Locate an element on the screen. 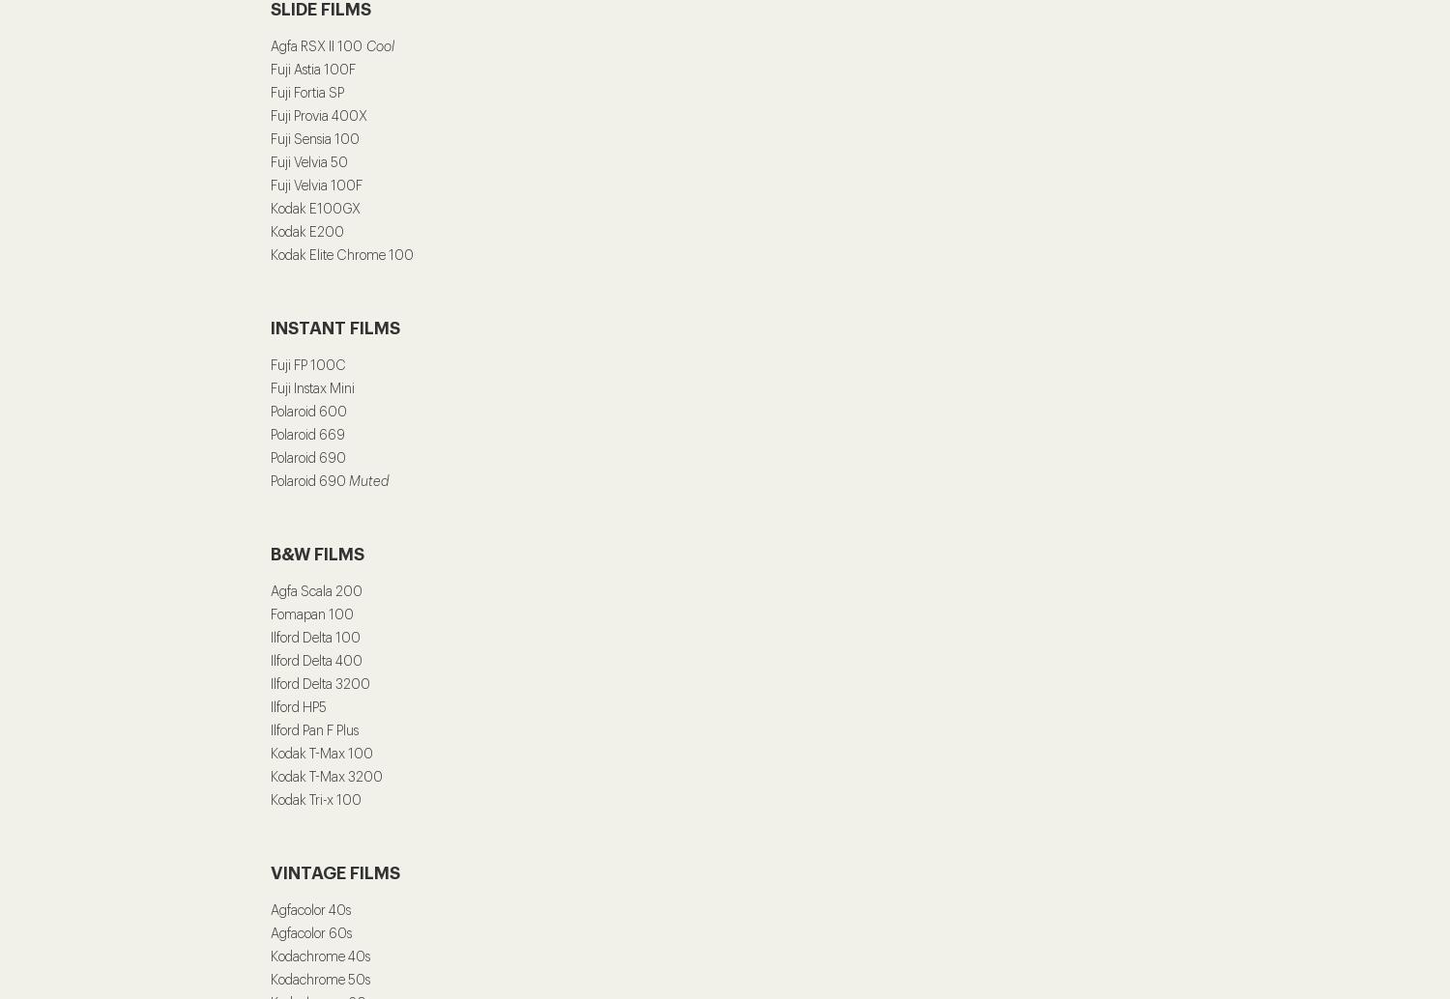  'Agfacolor 60s' is located at coordinates (310, 932).